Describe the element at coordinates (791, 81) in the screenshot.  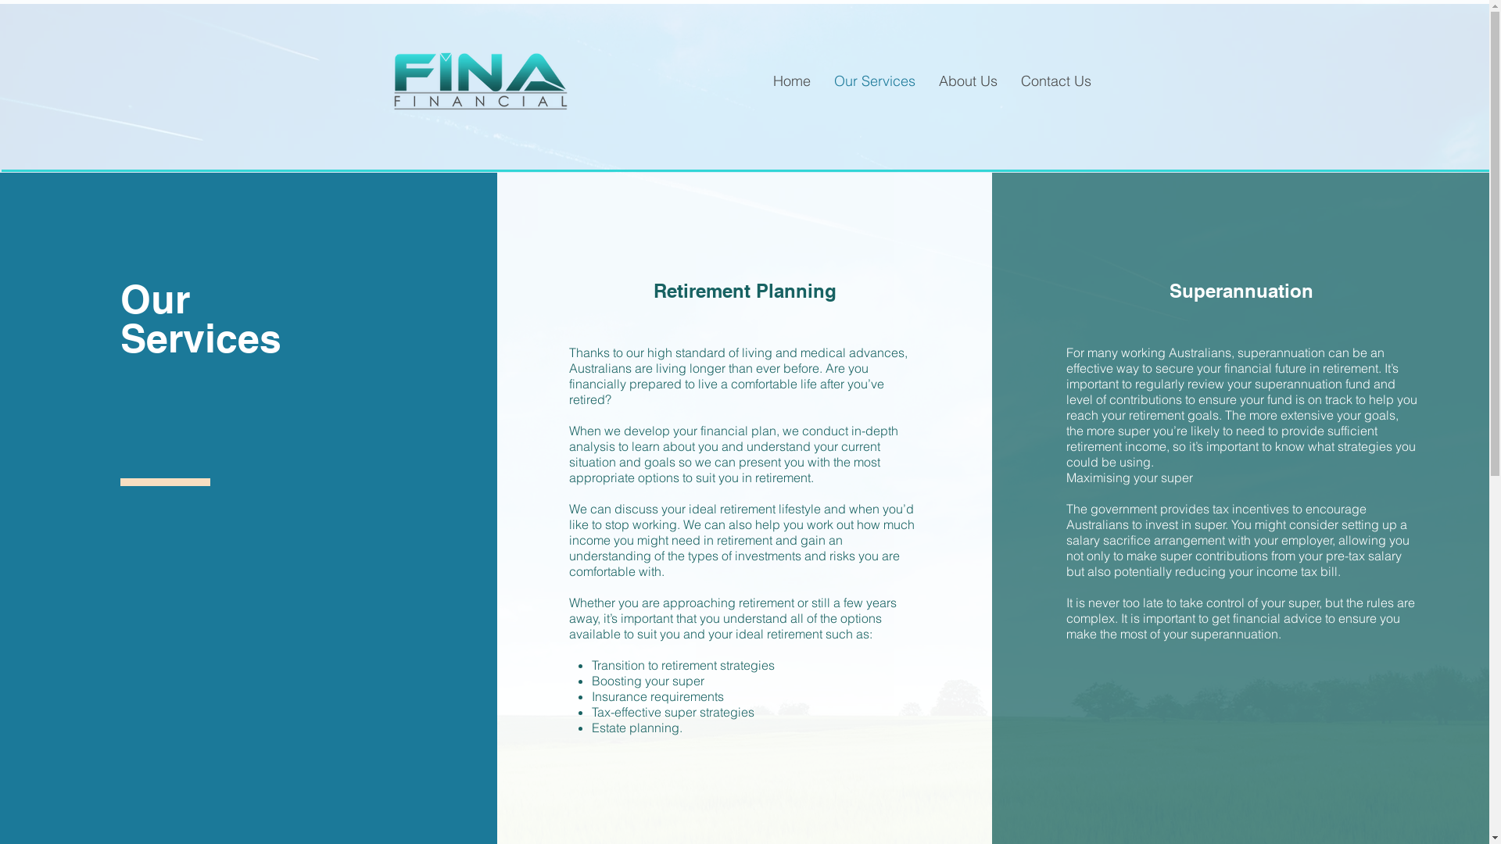
I see `'Home'` at that location.